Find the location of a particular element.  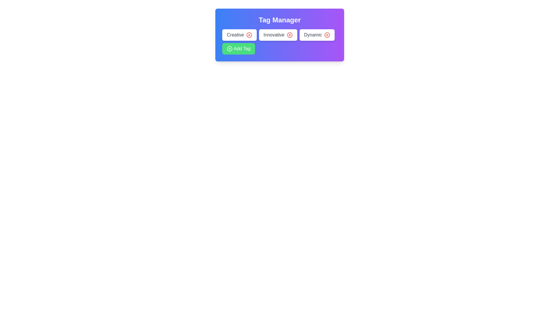

the 'Add Tag' button to add a new tag is located at coordinates (239, 48).